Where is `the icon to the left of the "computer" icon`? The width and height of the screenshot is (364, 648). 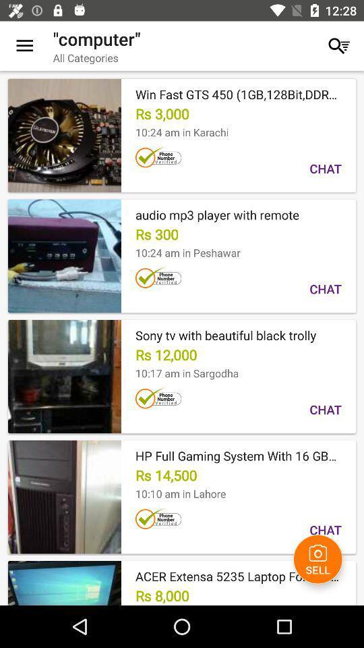
the icon to the left of the "computer" icon is located at coordinates (24, 46).